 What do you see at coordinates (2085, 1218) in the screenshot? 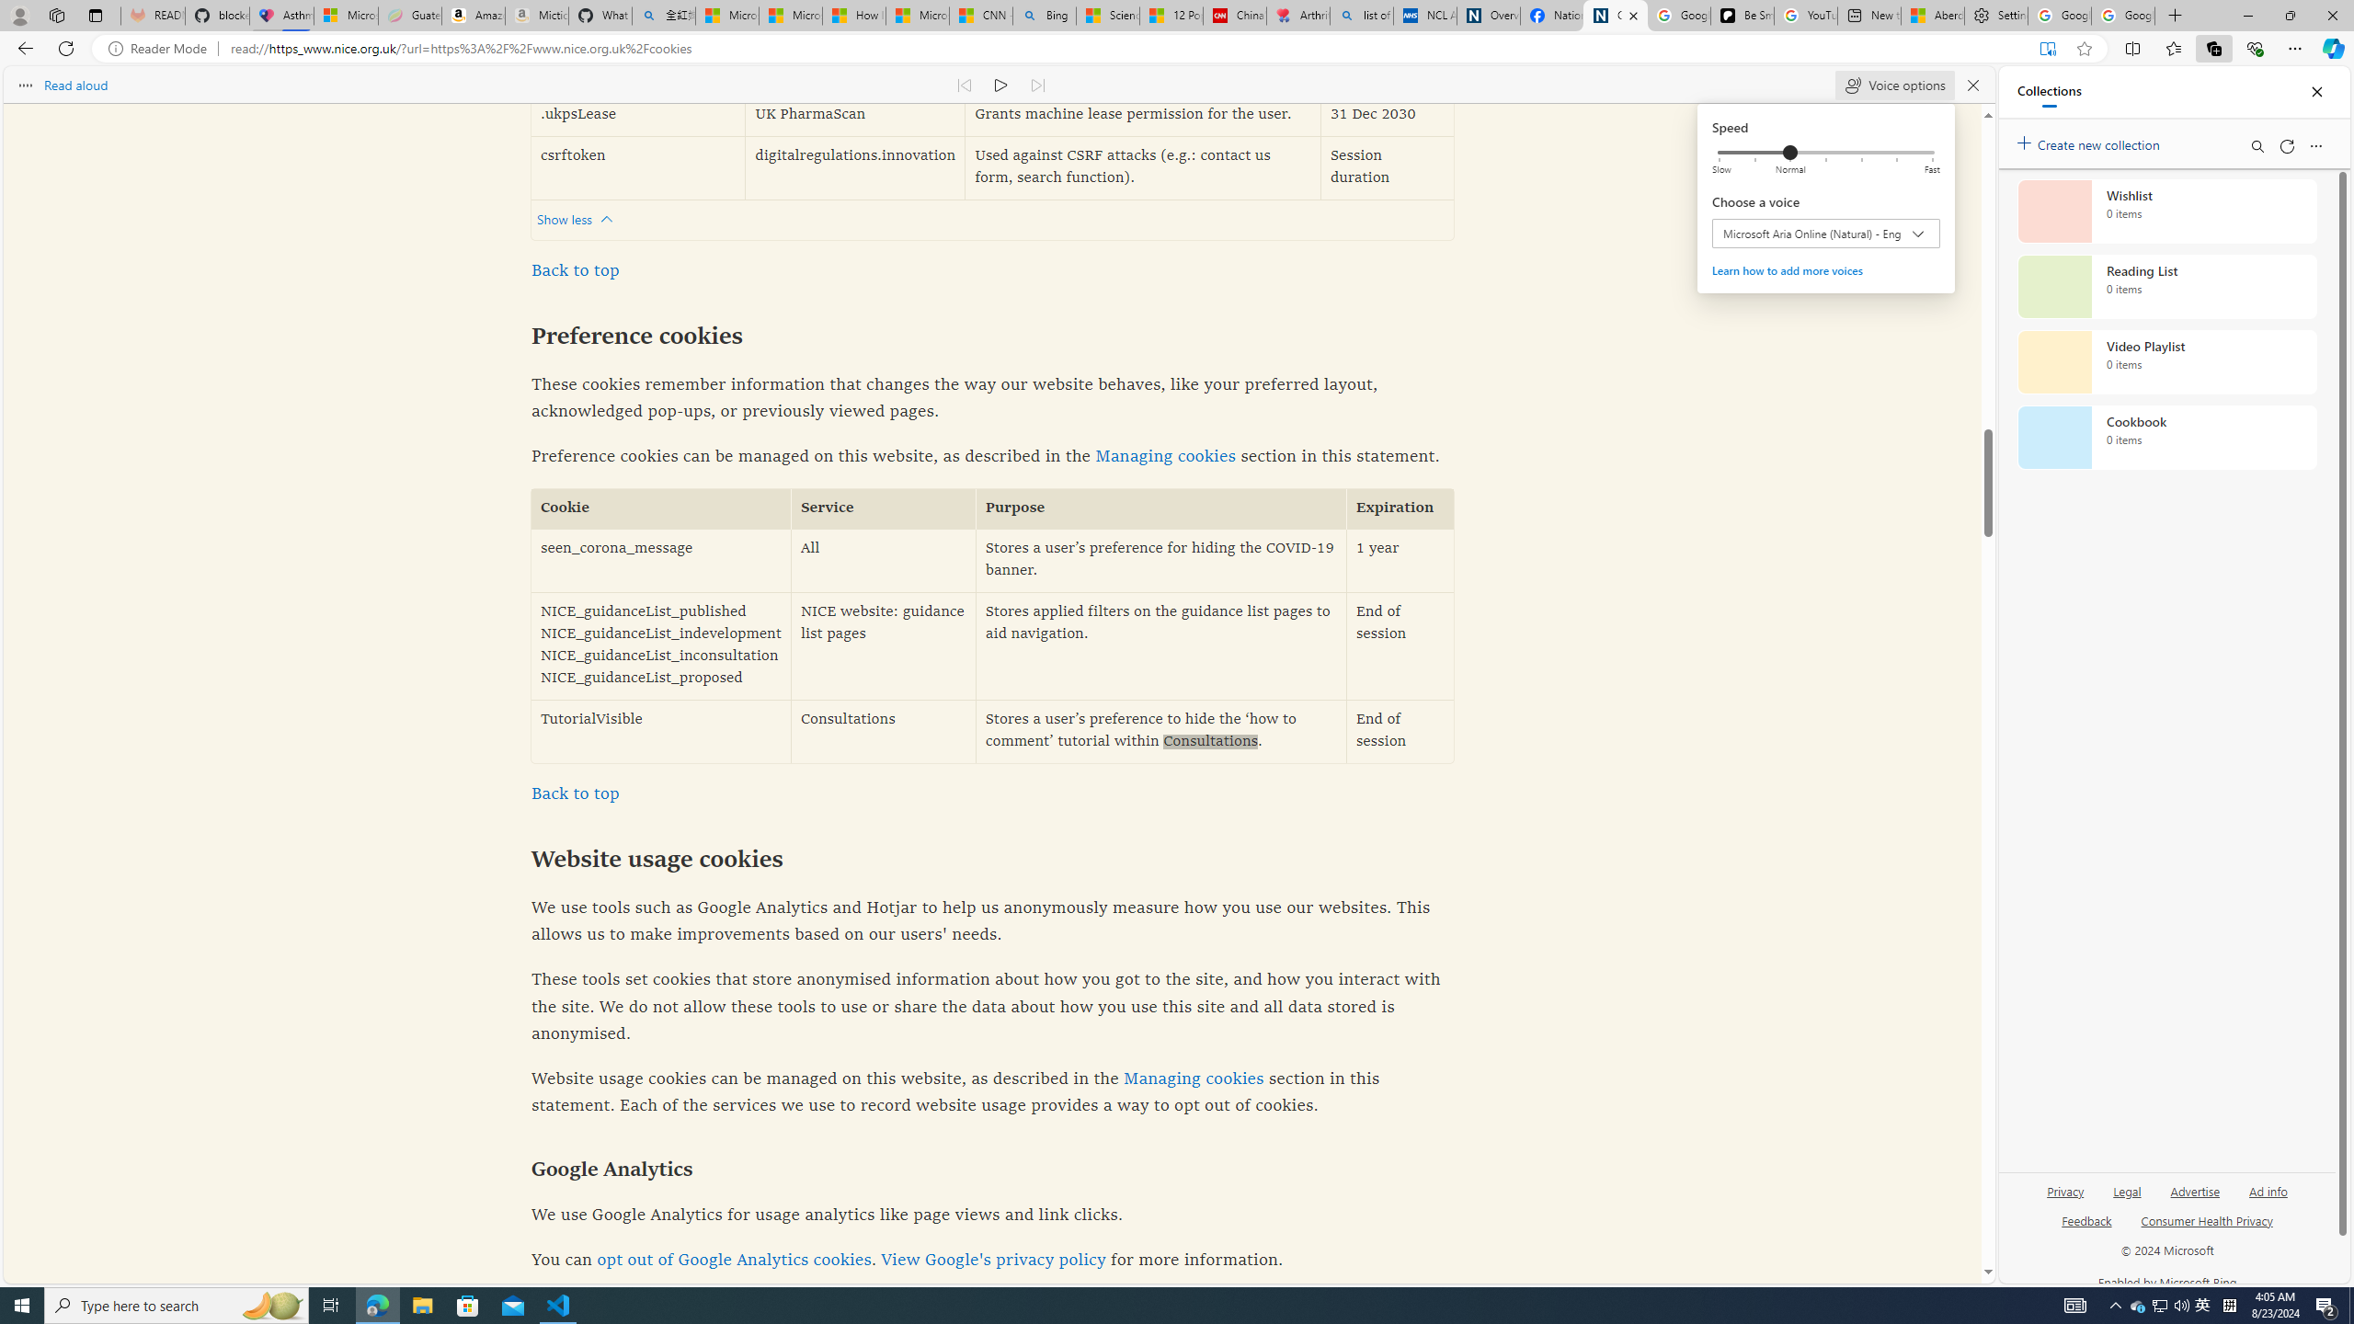
I see `'Feedback'` at bounding box center [2085, 1218].